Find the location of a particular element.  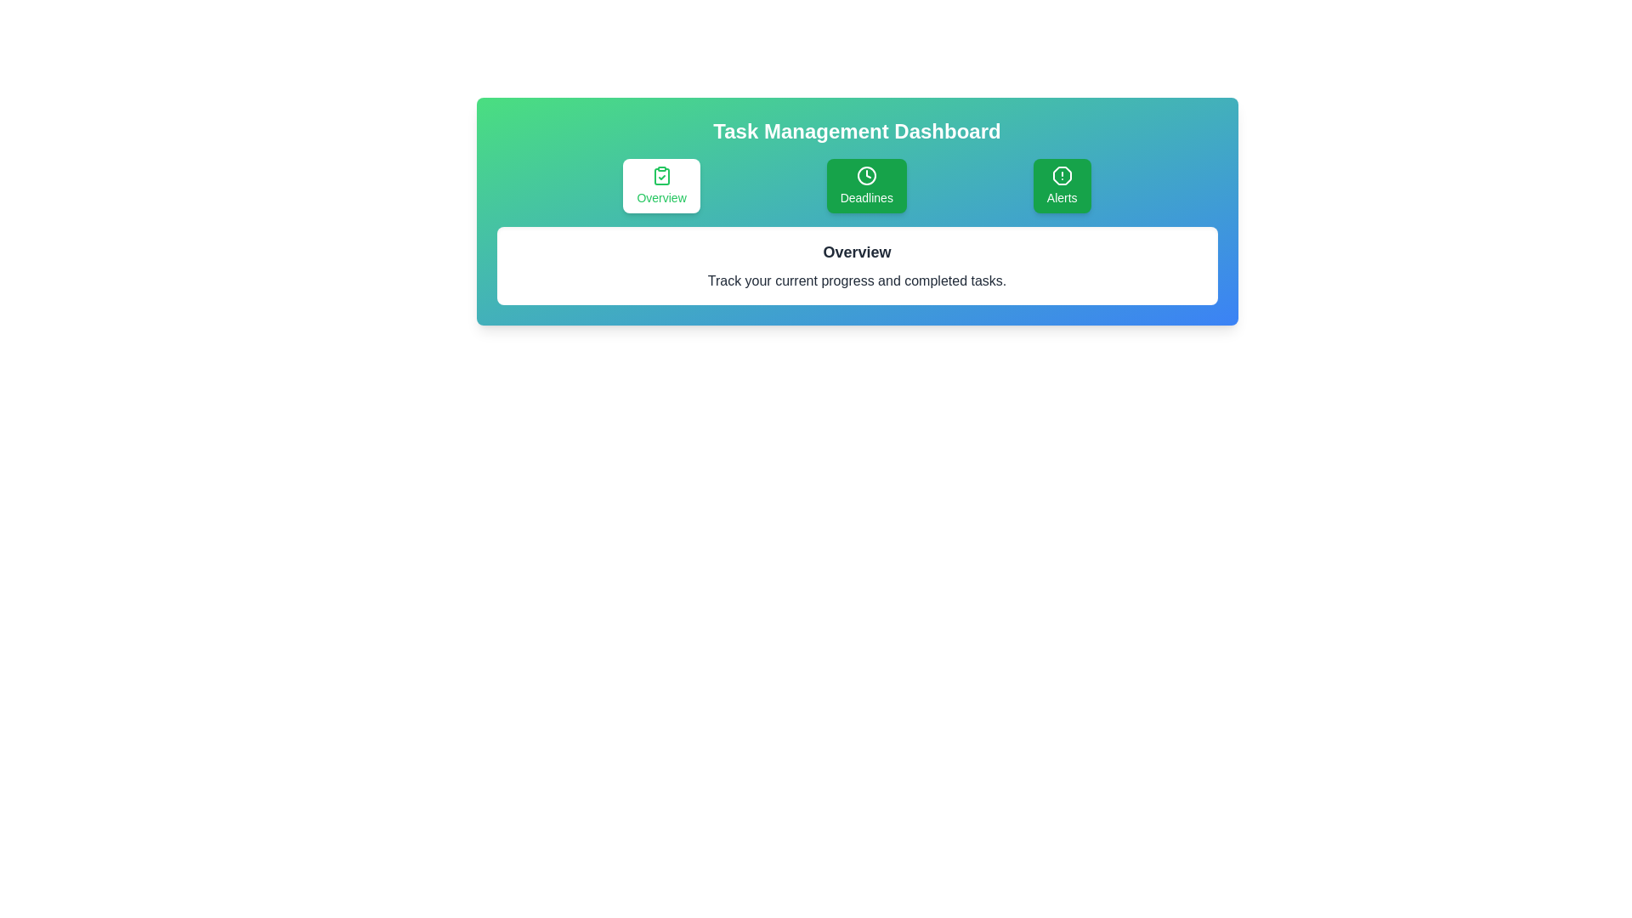

the Overview tab by clicking on it is located at coordinates (660, 186).